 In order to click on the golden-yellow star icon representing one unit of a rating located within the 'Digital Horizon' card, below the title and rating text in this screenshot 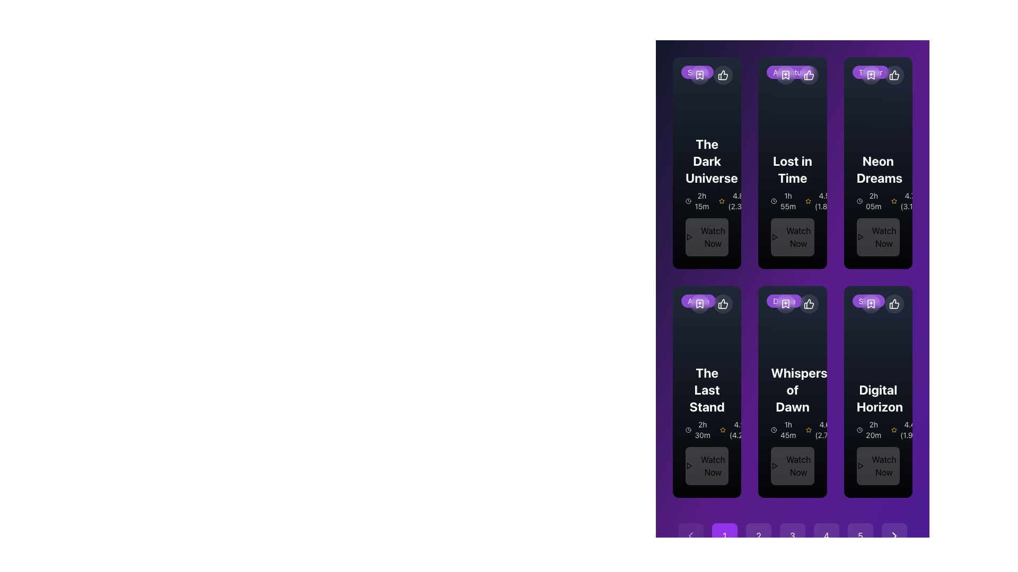, I will do `click(808, 430)`.